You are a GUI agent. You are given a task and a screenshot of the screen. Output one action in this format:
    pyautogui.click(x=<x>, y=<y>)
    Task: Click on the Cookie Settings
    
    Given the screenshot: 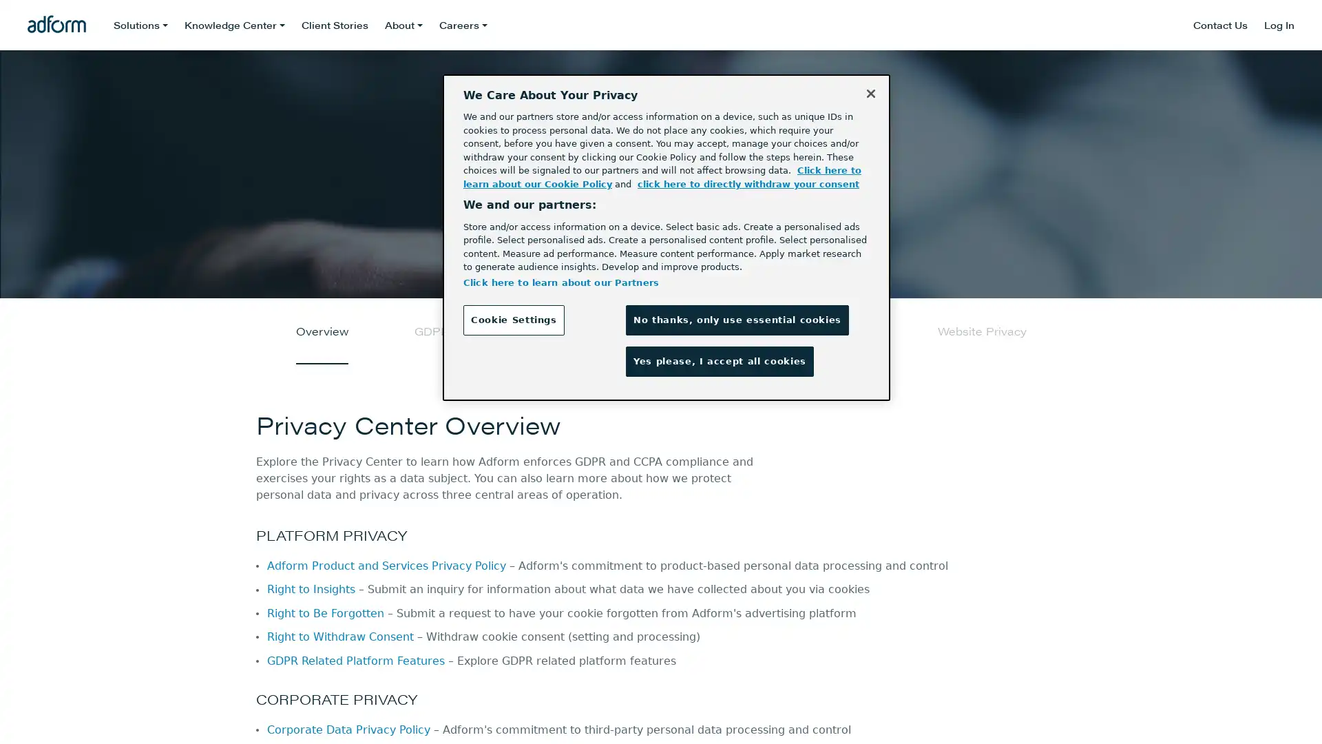 What is the action you would take?
    pyautogui.click(x=512, y=320)
    